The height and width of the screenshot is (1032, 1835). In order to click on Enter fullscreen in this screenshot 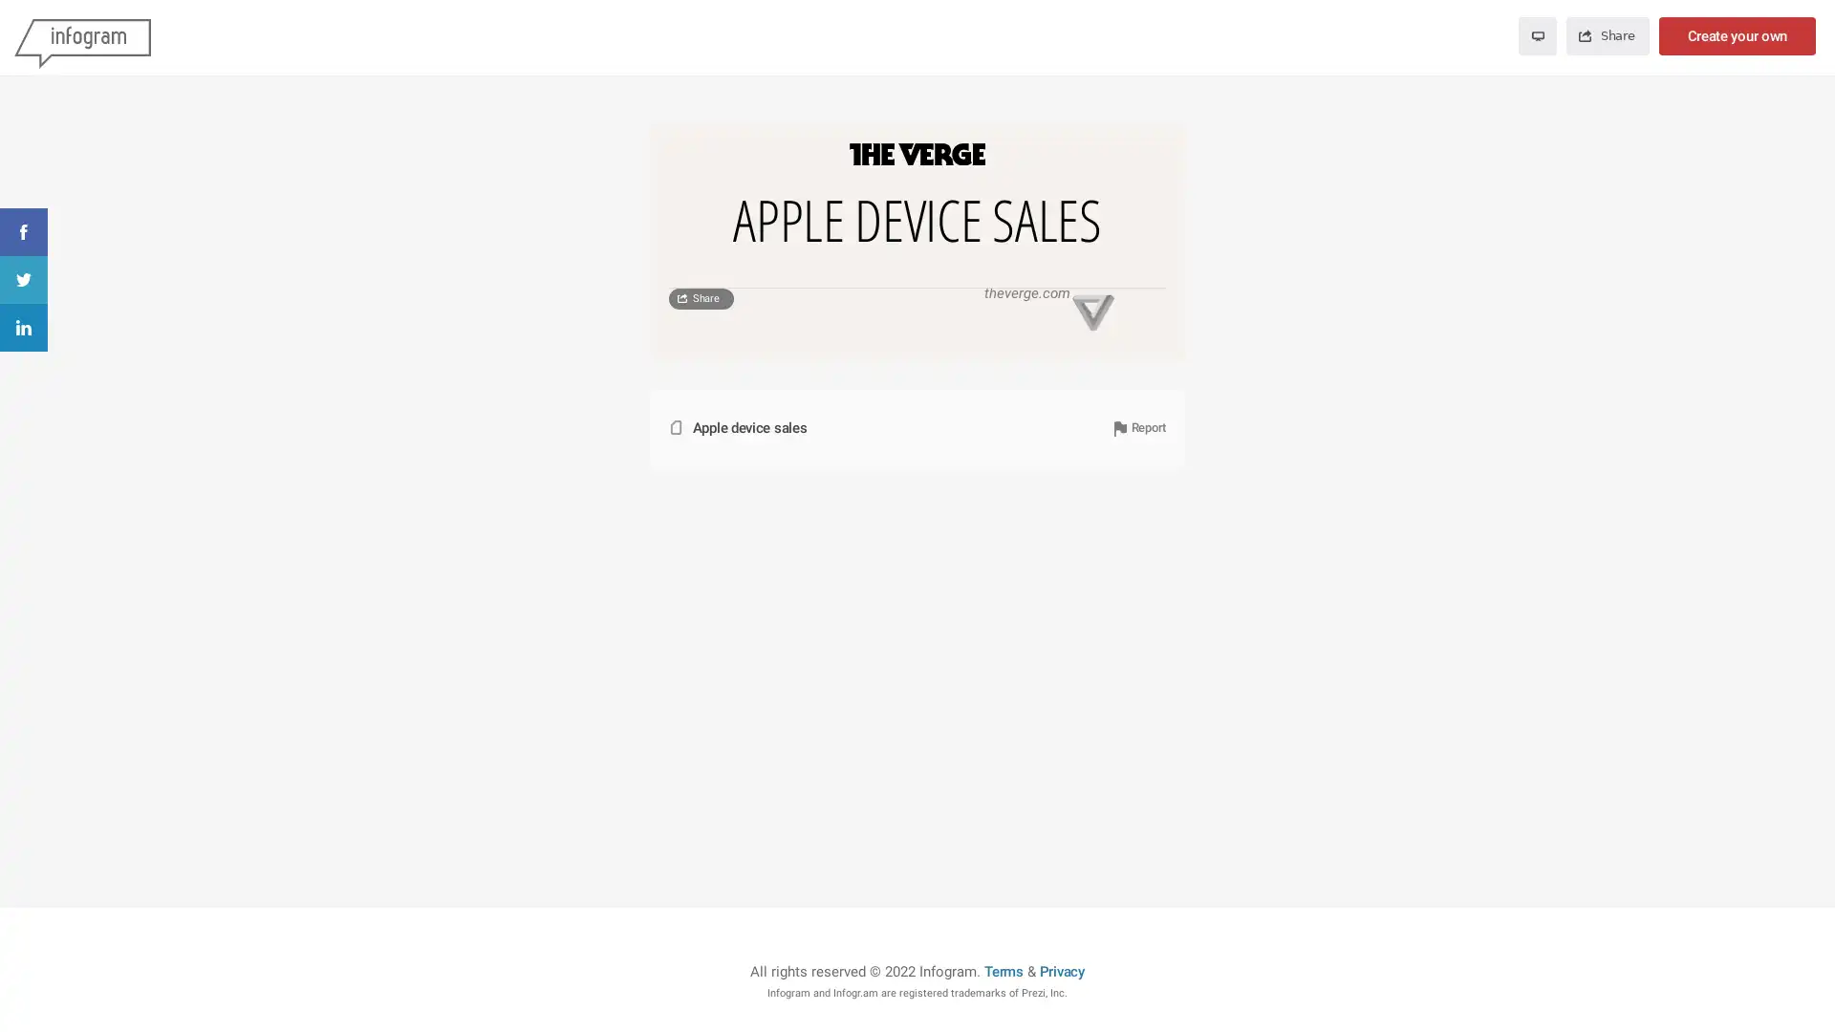, I will do `click(1537, 36)`.